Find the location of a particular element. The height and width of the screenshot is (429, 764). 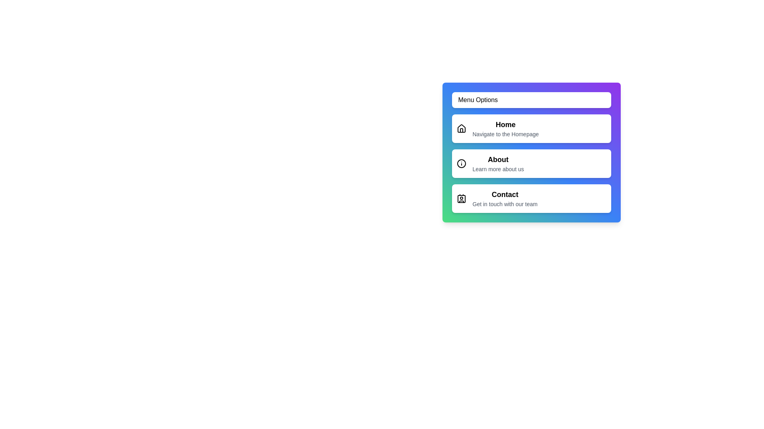

'Menu Options' button to toggle the menu visibility is located at coordinates (531, 99).